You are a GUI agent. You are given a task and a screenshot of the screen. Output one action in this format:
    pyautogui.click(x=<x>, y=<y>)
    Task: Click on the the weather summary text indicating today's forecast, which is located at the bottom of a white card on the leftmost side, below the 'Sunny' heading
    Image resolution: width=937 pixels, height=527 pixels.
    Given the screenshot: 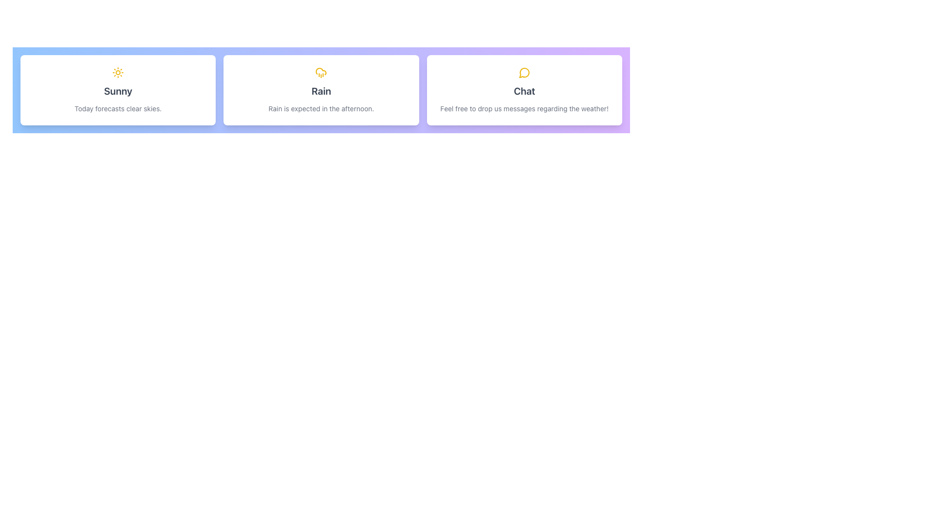 What is the action you would take?
    pyautogui.click(x=118, y=109)
    